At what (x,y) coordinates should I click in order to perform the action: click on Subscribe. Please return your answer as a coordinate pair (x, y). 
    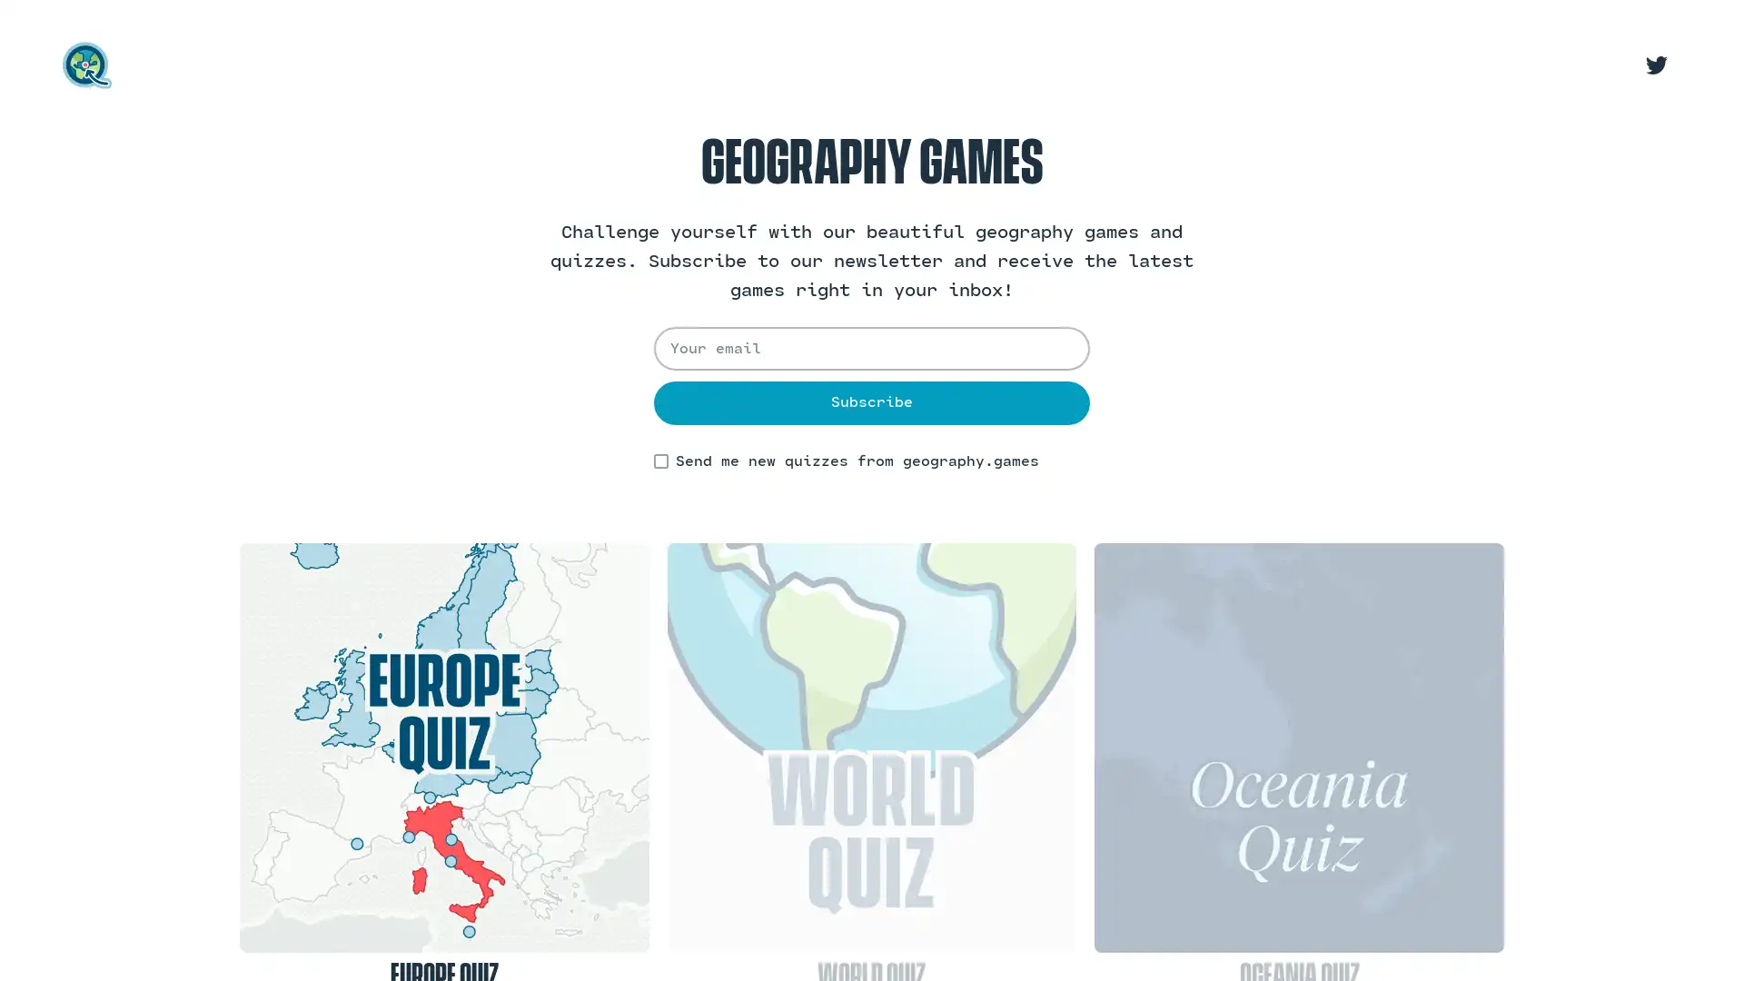
    Looking at the image, I should click on (872, 401).